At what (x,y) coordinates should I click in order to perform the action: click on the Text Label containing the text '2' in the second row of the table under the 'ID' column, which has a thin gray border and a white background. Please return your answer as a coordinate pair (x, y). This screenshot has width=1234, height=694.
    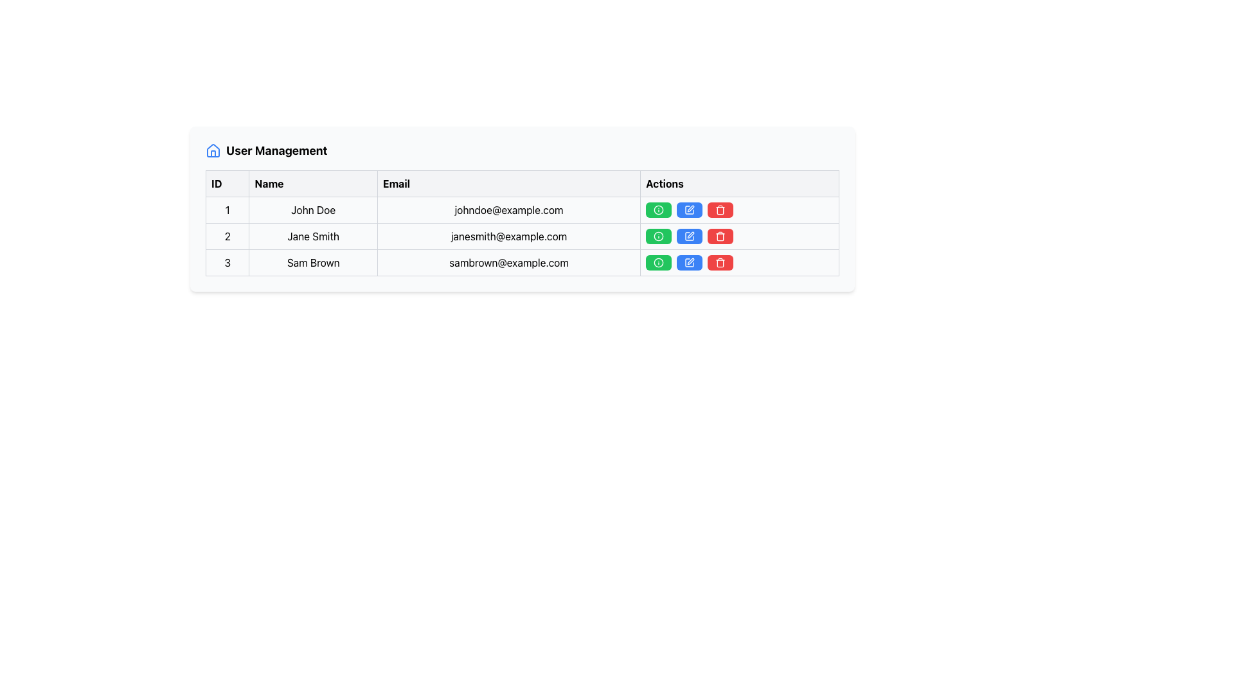
    Looking at the image, I should click on (228, 236).